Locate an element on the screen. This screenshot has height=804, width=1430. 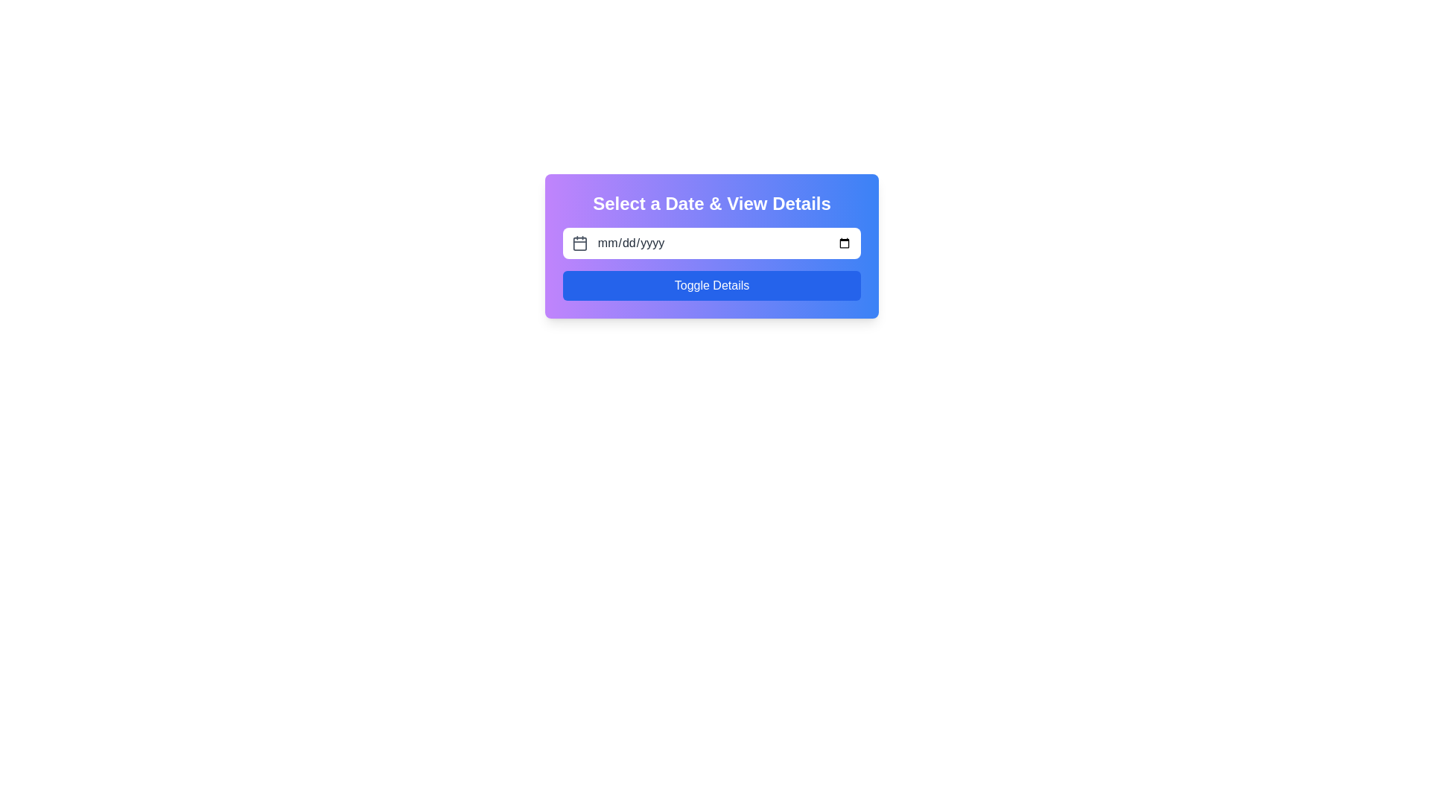
the calendar icon component, which is used for date selection functionalities, located to the left of the input field labeled 'mm/dd/yyyy' is located at coordinates (579, 243).